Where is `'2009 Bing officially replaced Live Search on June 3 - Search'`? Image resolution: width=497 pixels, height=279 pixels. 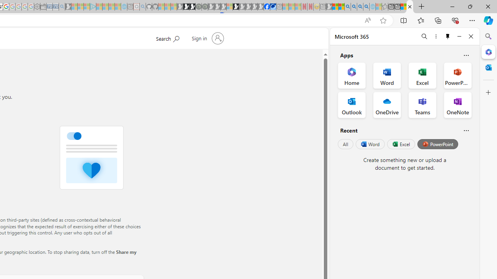 '2009 Bing officially replaced Live Search on June 3 - Search' is located at coordinates (353, 7).